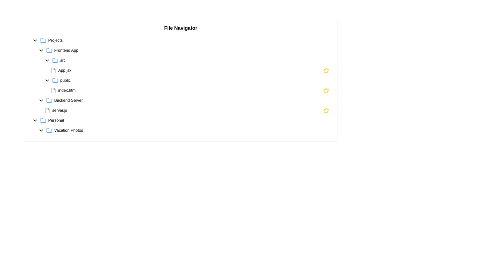 This screenshot has height=270, width=480. Describe the element at coordinates (55, 80) in the screenshot. I see `the blue folder icon located adjacent to the text 'public'` at that location.